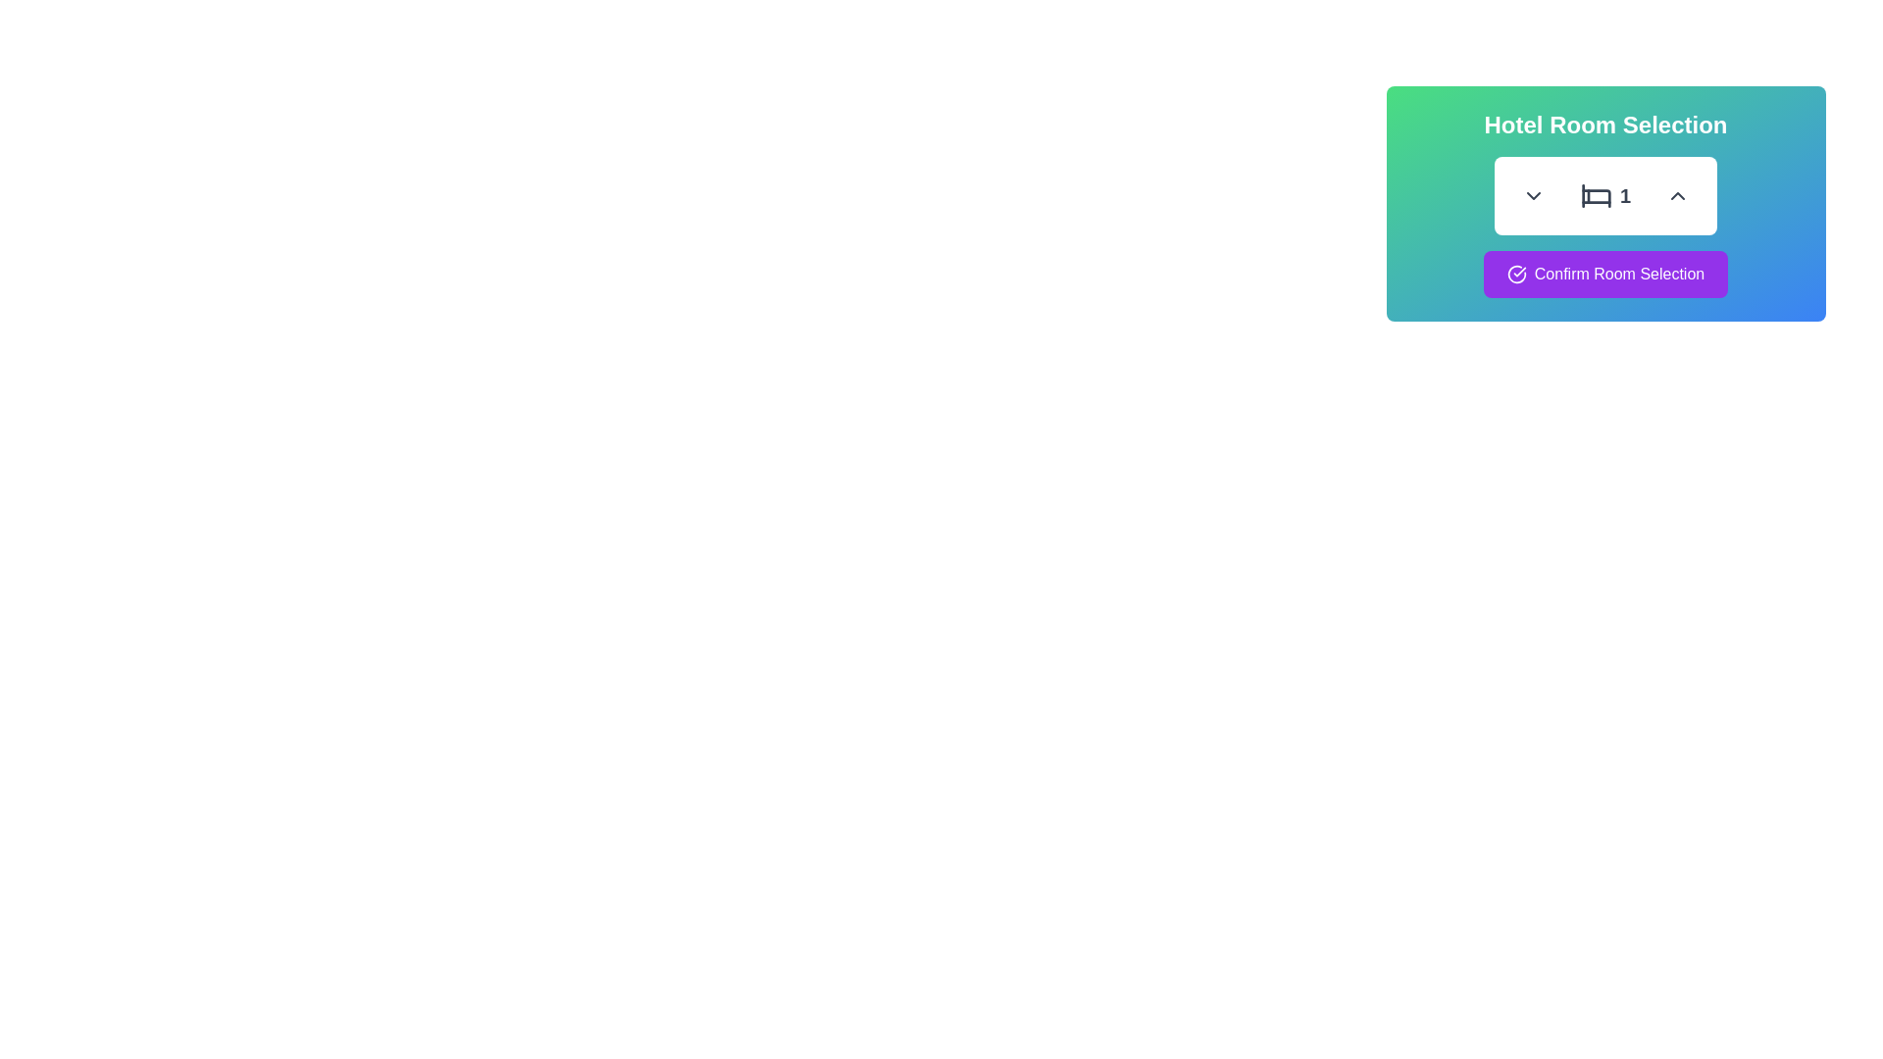 This screenshot has height=1059, width=1883. I want to click on the rounded button with an upward-facing chevron icon located next to the number box marked '1' in the 'Hotel Room Selection' panel to increment the associated value, so click(1677, 196).